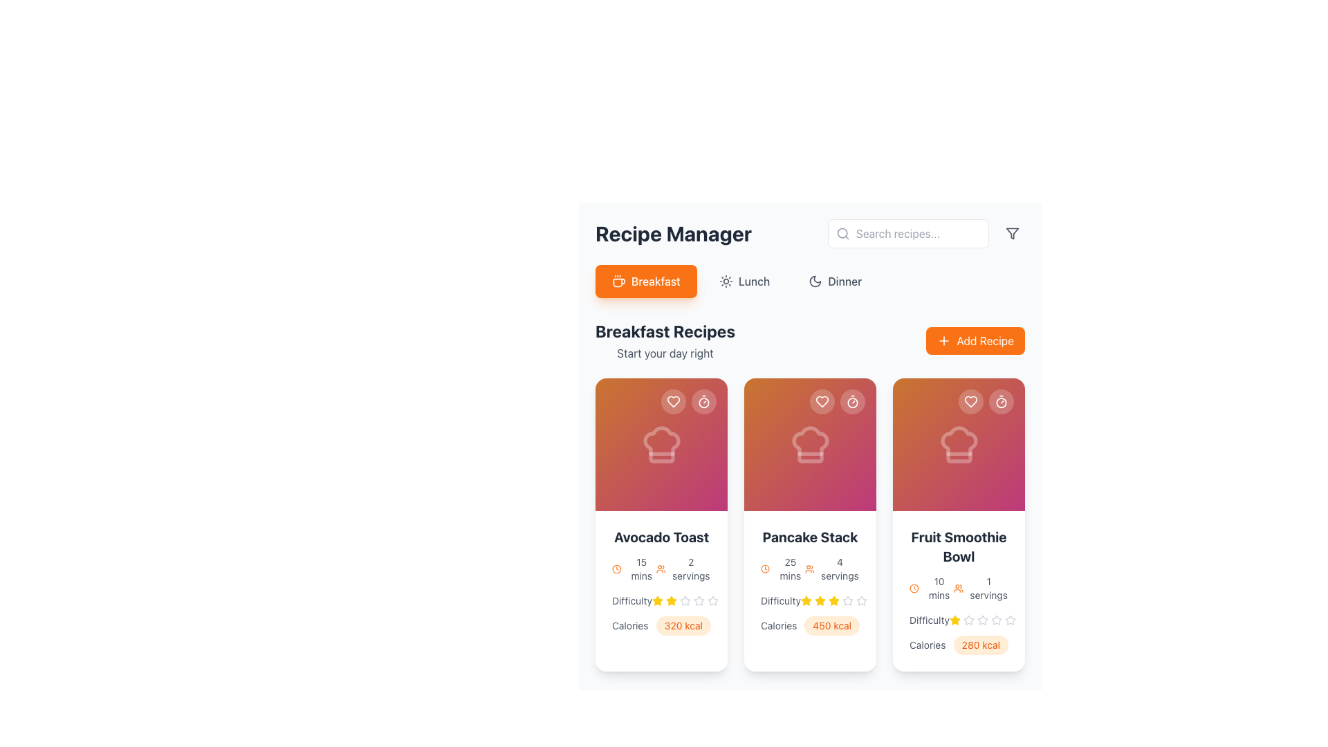  I want to click on the text element that displays the number of servings for the 'Fruit Smoothie Bowl' recipe, which is located to the right of '10 mins' beneath the orange clock icon in the 'Breakfast Recipes' section, so click(980, 589).